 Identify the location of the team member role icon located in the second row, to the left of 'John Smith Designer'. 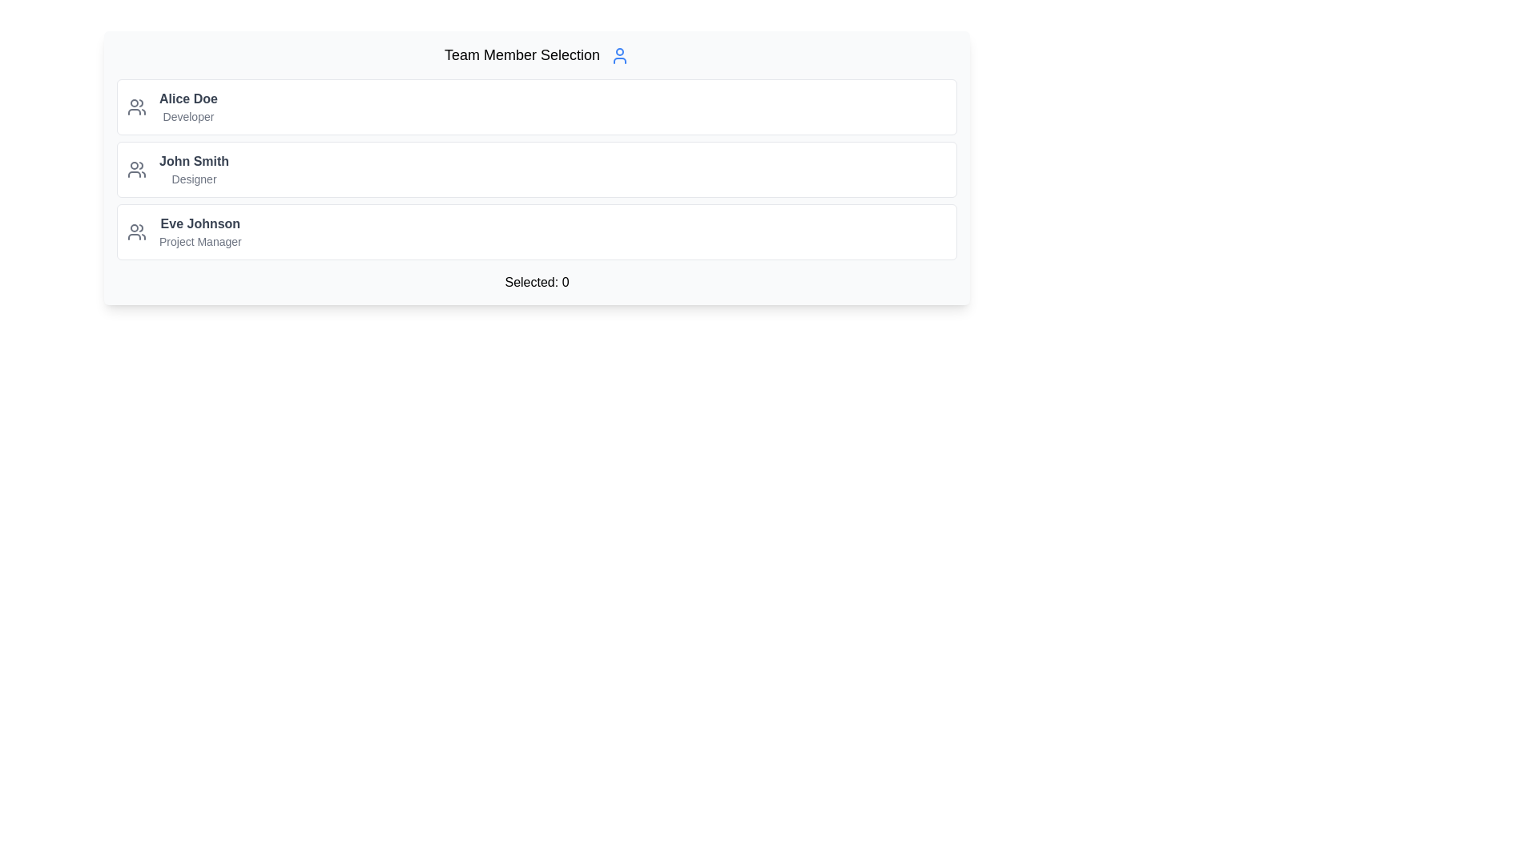
(137, 170).